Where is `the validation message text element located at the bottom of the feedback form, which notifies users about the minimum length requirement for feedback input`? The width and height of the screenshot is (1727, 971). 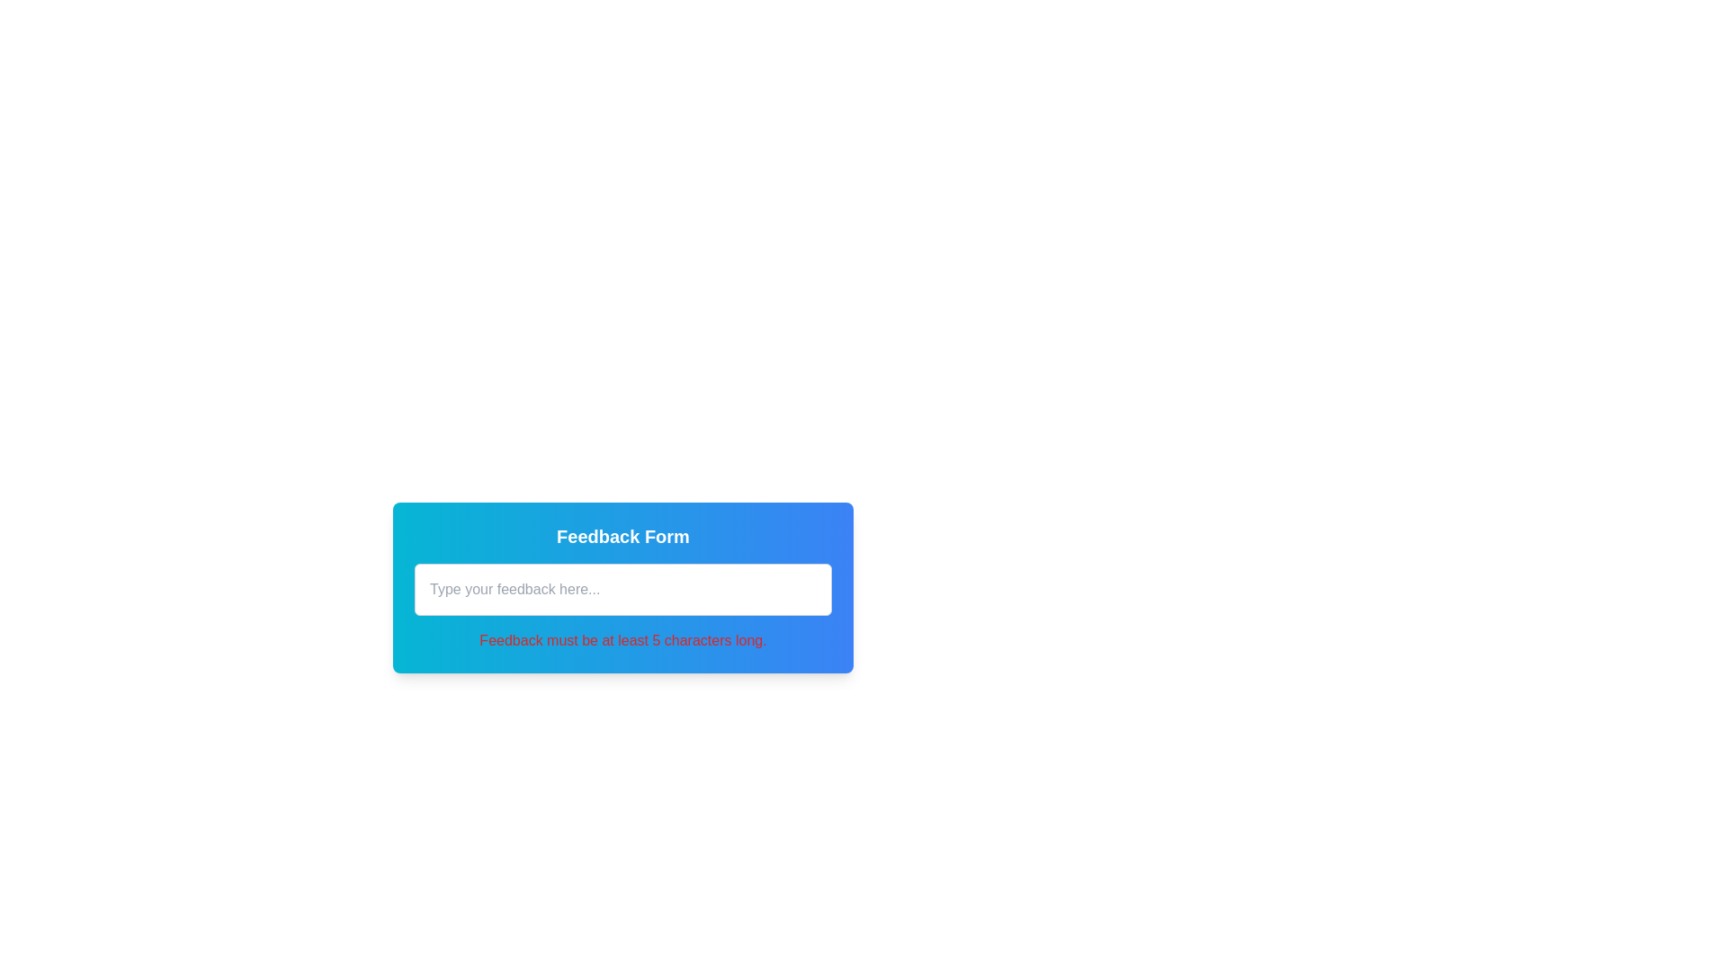
the validation message text element located at the bottom of the feedback form, which notifies users about the minimum length requirement for feedback input is located at coordinates (622, 640).